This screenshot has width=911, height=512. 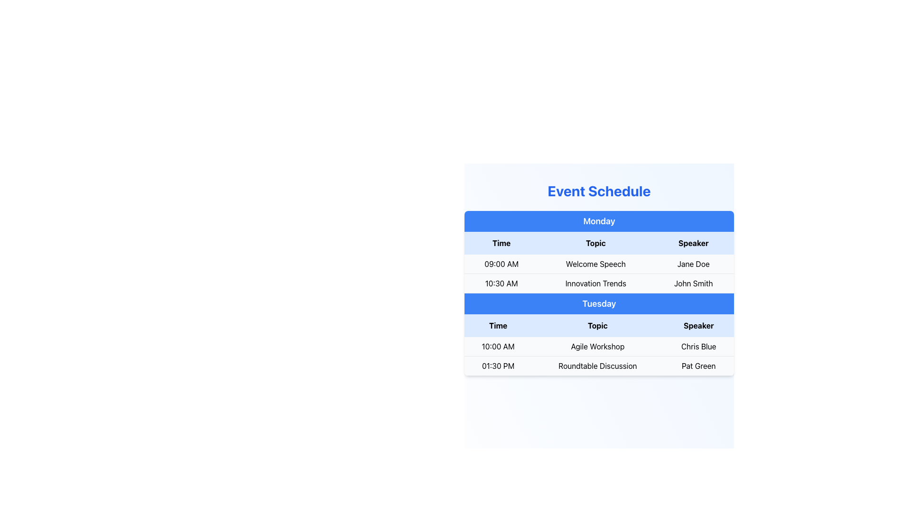 I want to click on the 'Time' Text Label element located in the header row of the table, which is visually styled with bold font and centered alignment, positioned to the far left of the row labeled 'TimeTopicSpeaker', so click(x=501, y=243).